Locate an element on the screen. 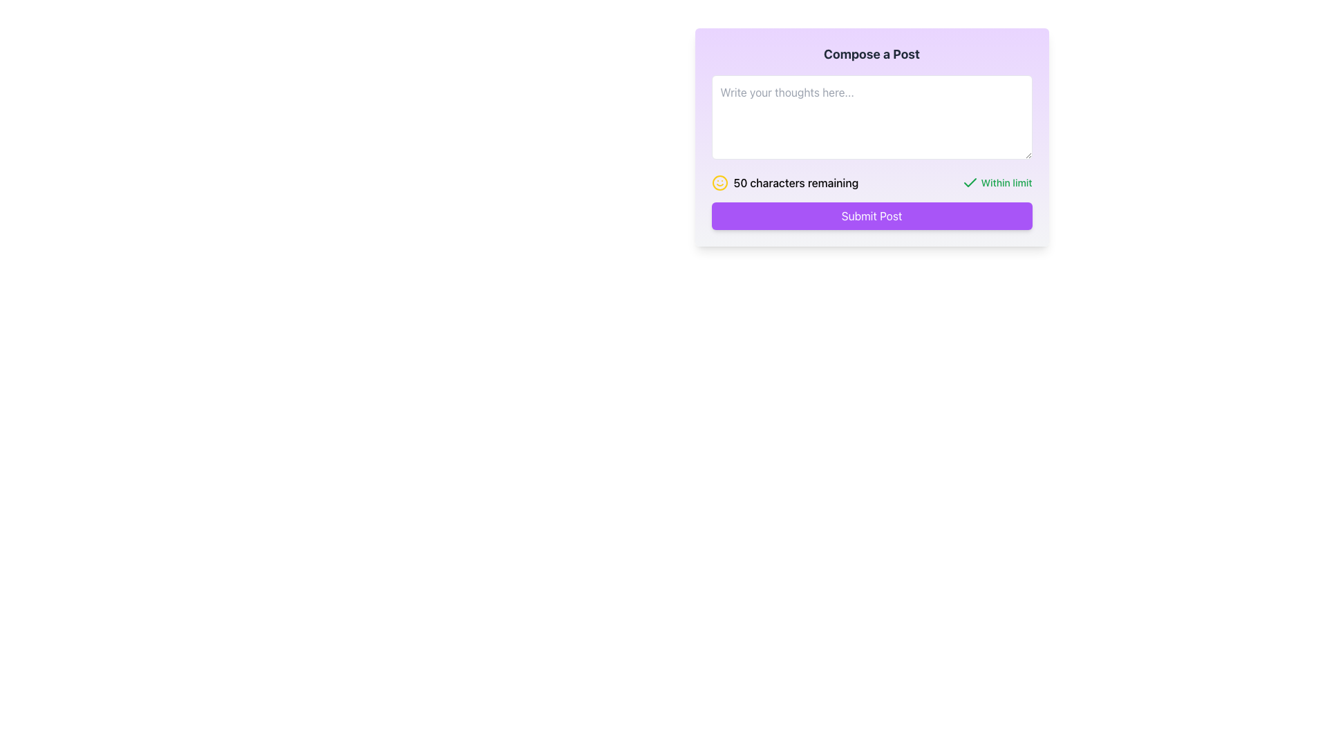 The image size is (1327, 746). the rectangular button labeled 'Submit Post' with a vibrant purple background is located at coordinates (871, 216).